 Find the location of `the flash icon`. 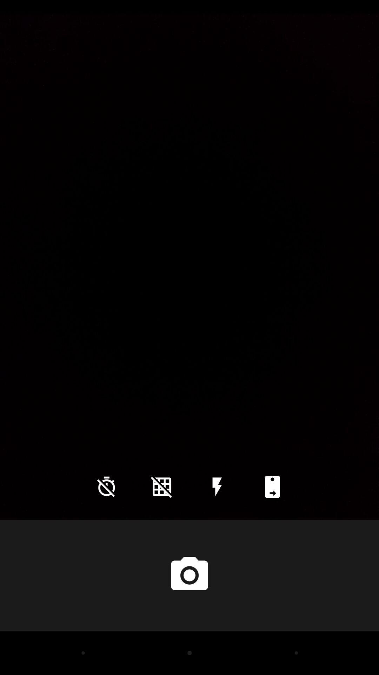

the flash icon is located at coordinates (217, 486).